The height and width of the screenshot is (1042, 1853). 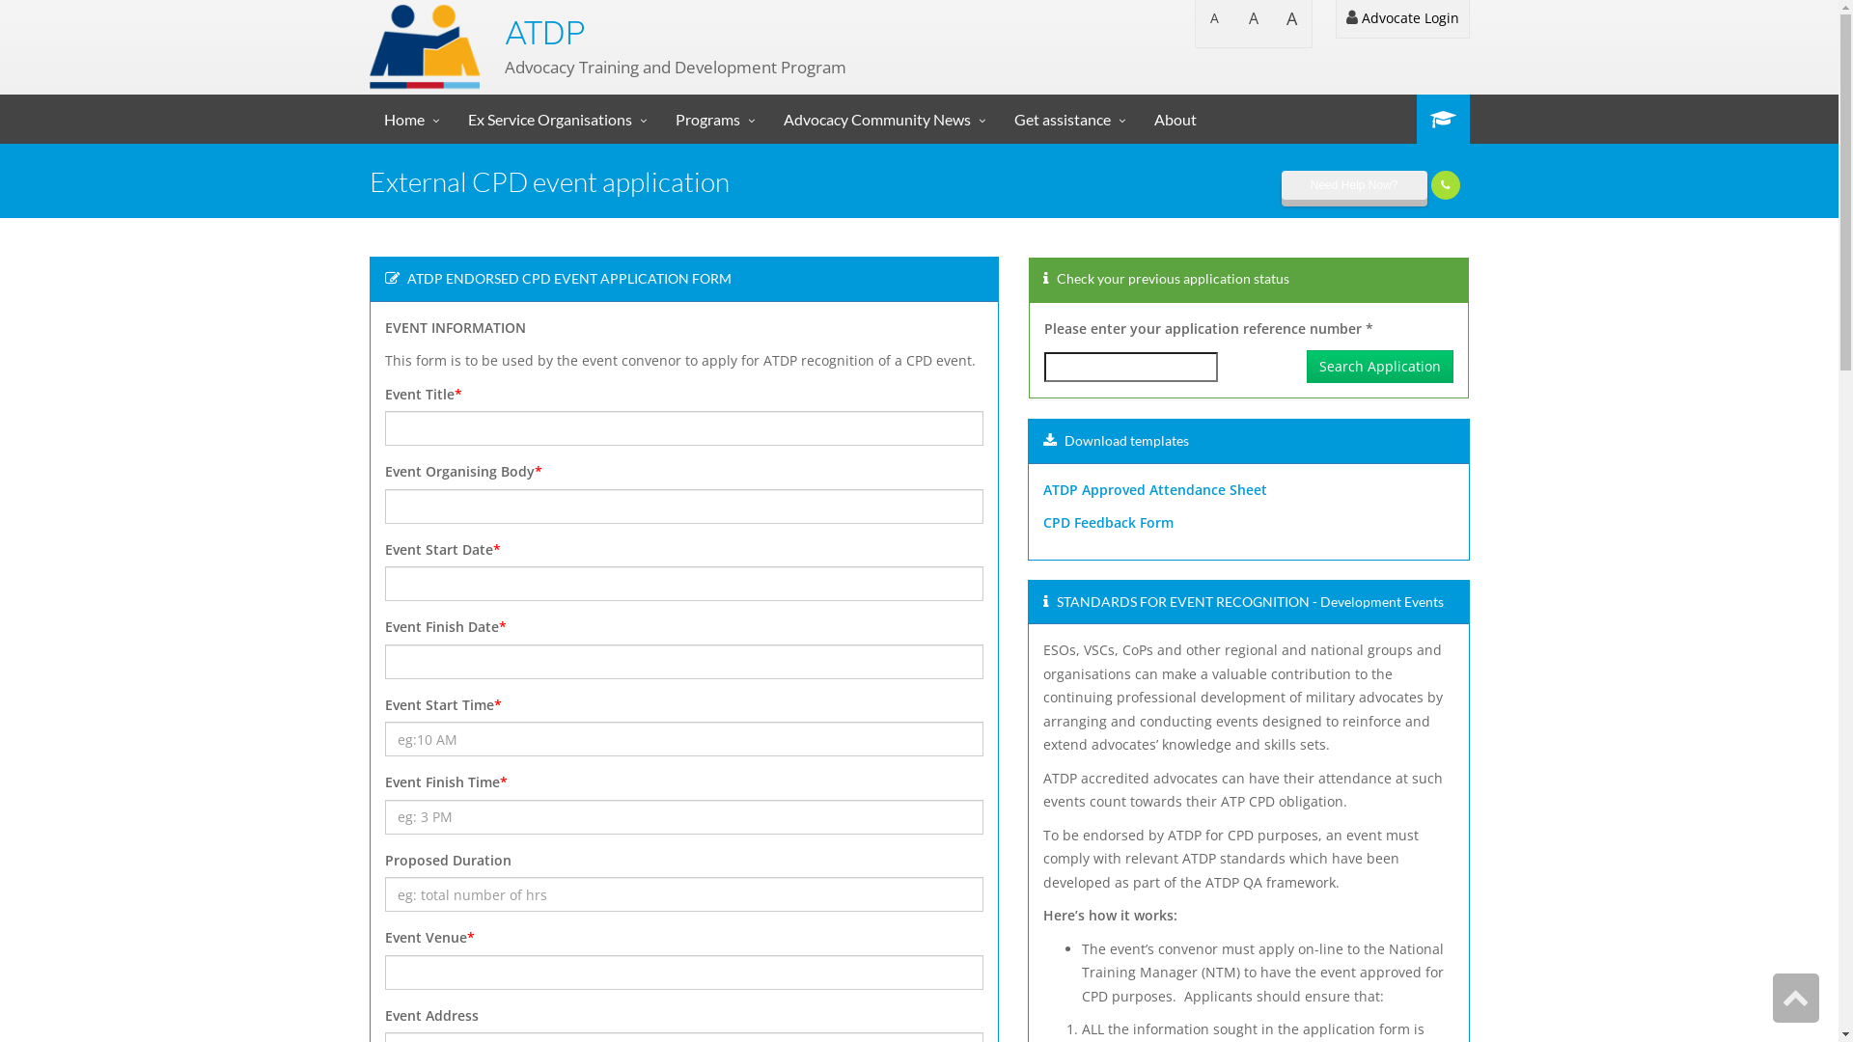 I want to click on 'Advocate Login', so click(x=1334, y=18).